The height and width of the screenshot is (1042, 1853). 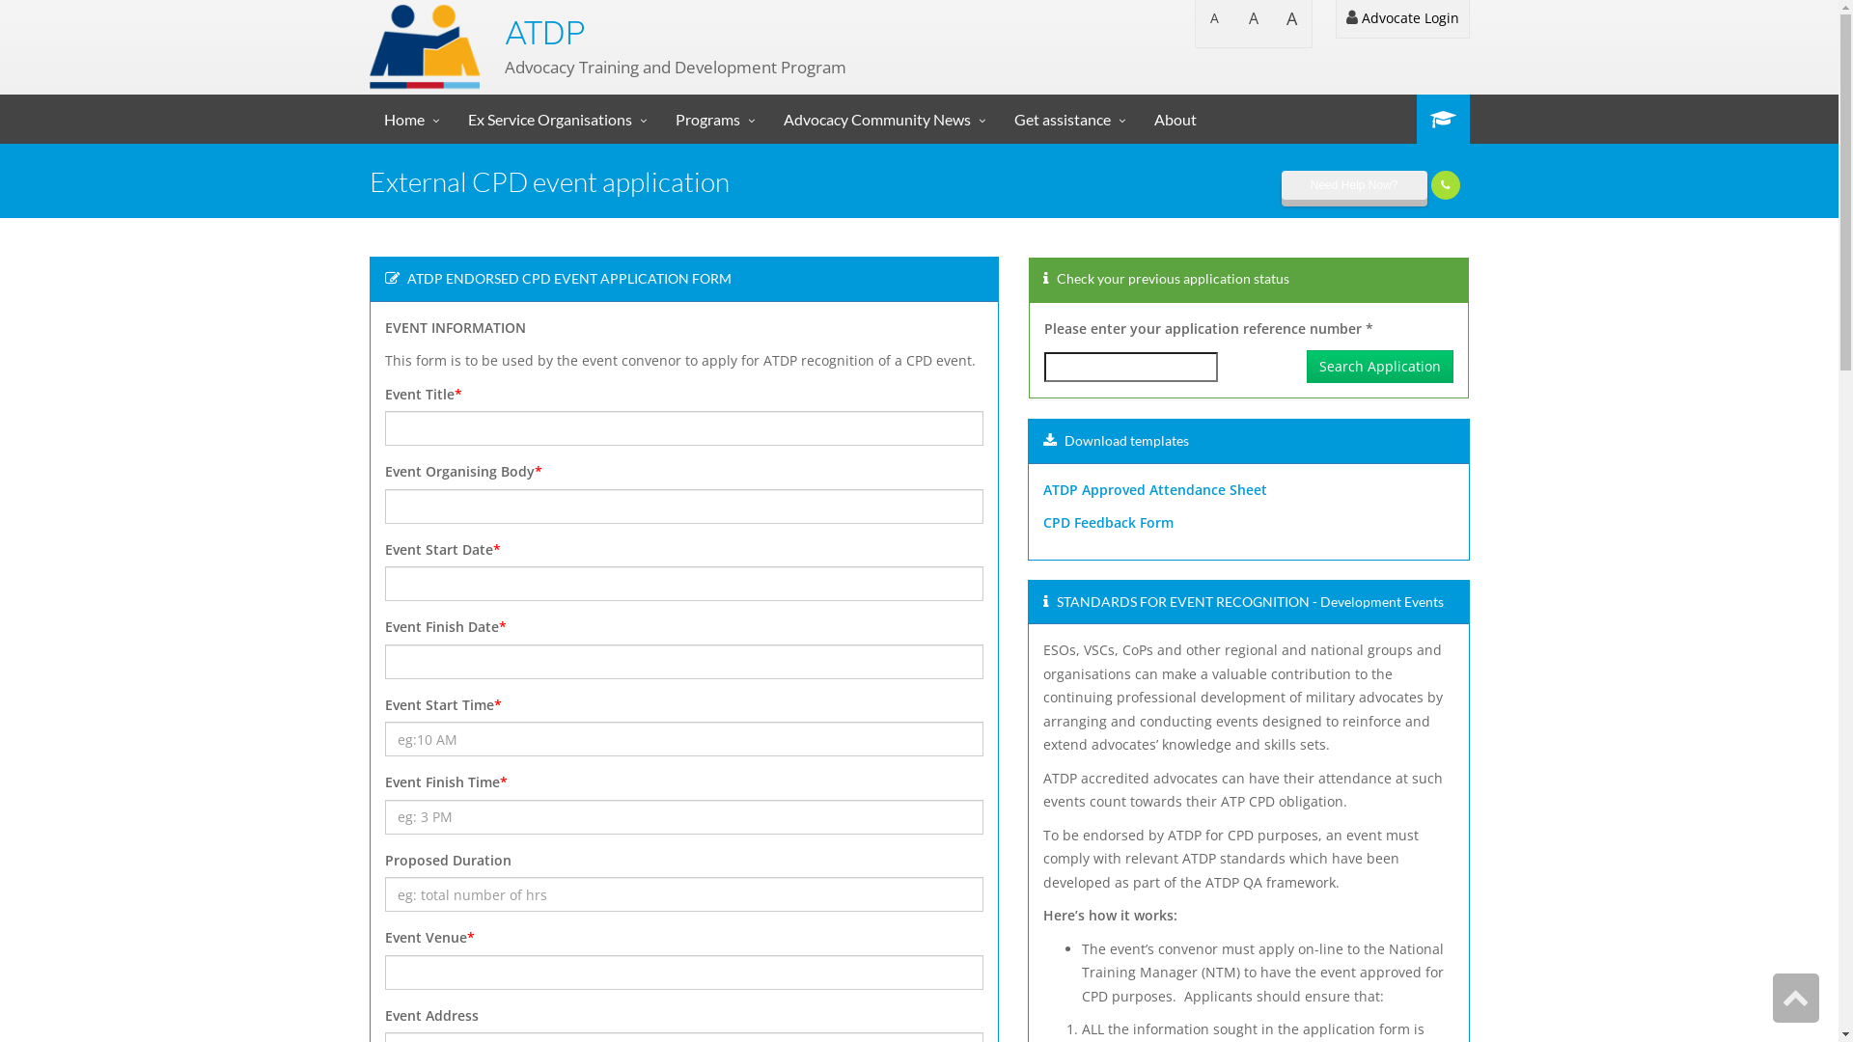 I want to click on 'Advocate Login', so click(x=1334, y=18).